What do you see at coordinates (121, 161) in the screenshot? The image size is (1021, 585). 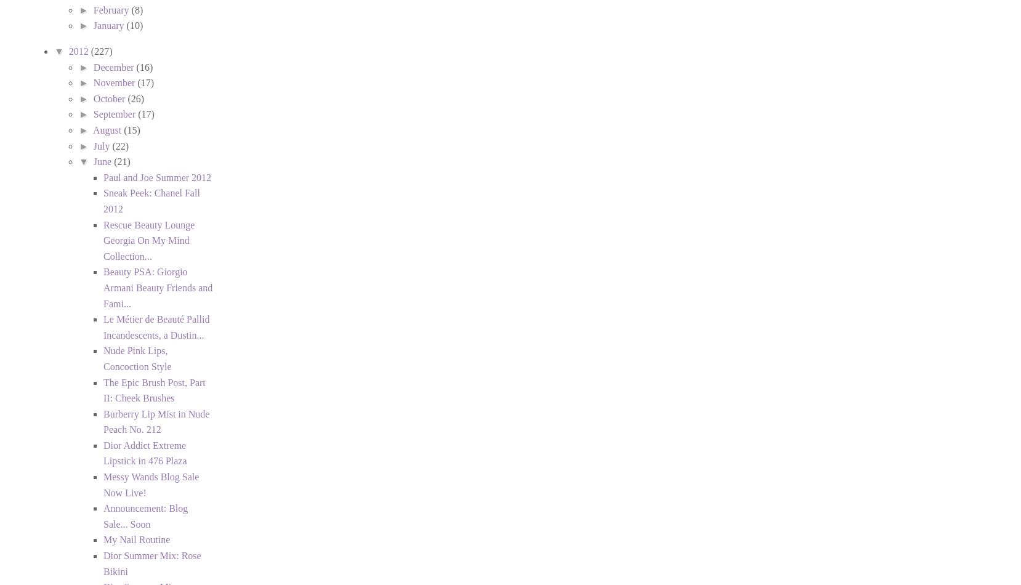 I see `'(21)'` at bounding box center [121, 161].